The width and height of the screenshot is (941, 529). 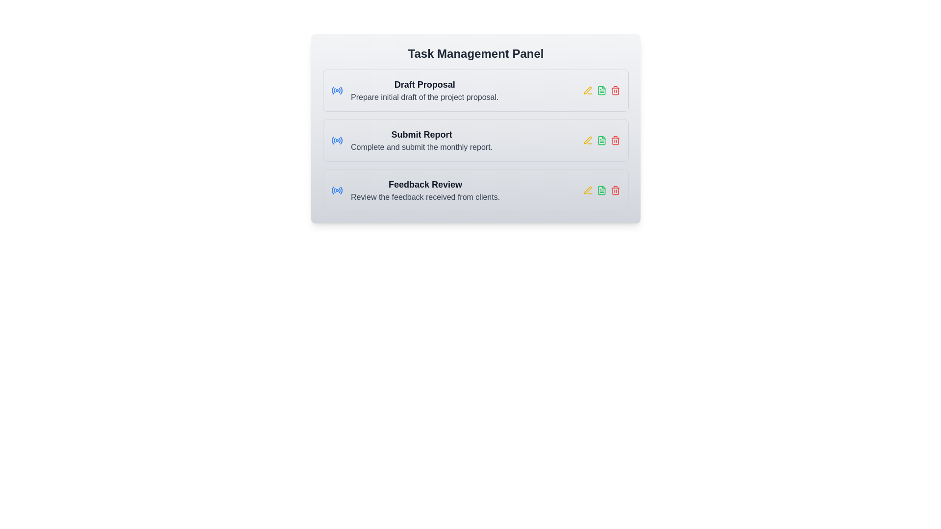 I want to click on the 'Feedback Review' text label in the 'Task Management Panel' section, which is the third item in the list and has a bold first line and a lighter second line, so click(x=425, y=191).